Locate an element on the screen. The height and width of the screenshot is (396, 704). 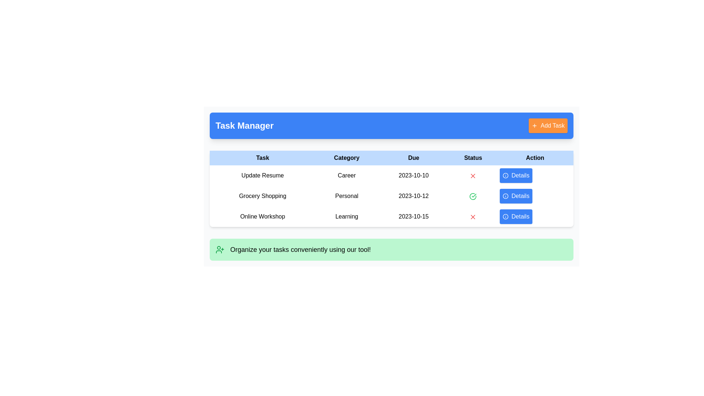
the date text element displaying '2023-10-10' in the 'Due' column of the 'Update Resume' task row is located at coordinates (414, 175).